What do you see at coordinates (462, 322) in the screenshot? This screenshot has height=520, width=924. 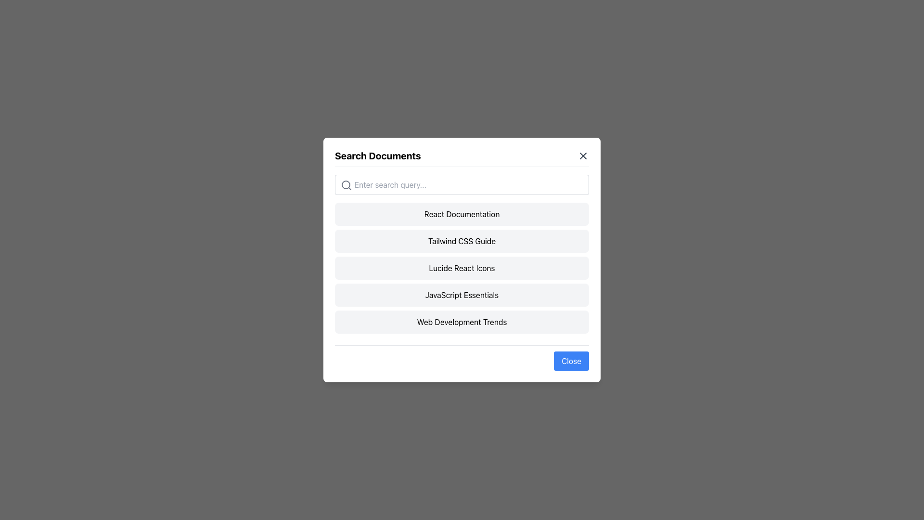 I see `the fifth button in the modal dialog, which represents the option for 'Web Development Trends'` at bounding box center [462, 322].